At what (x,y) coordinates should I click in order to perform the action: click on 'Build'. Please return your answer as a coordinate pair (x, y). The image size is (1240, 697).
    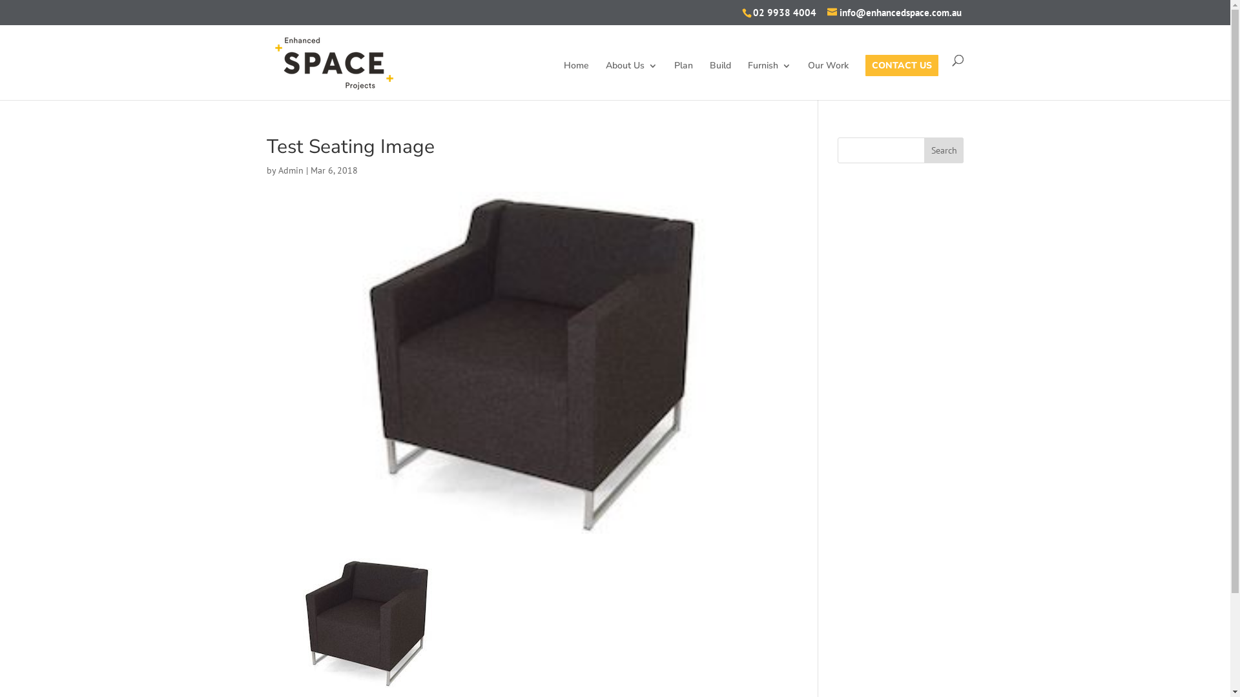
    Looking at the image, I should click on (719, 79).